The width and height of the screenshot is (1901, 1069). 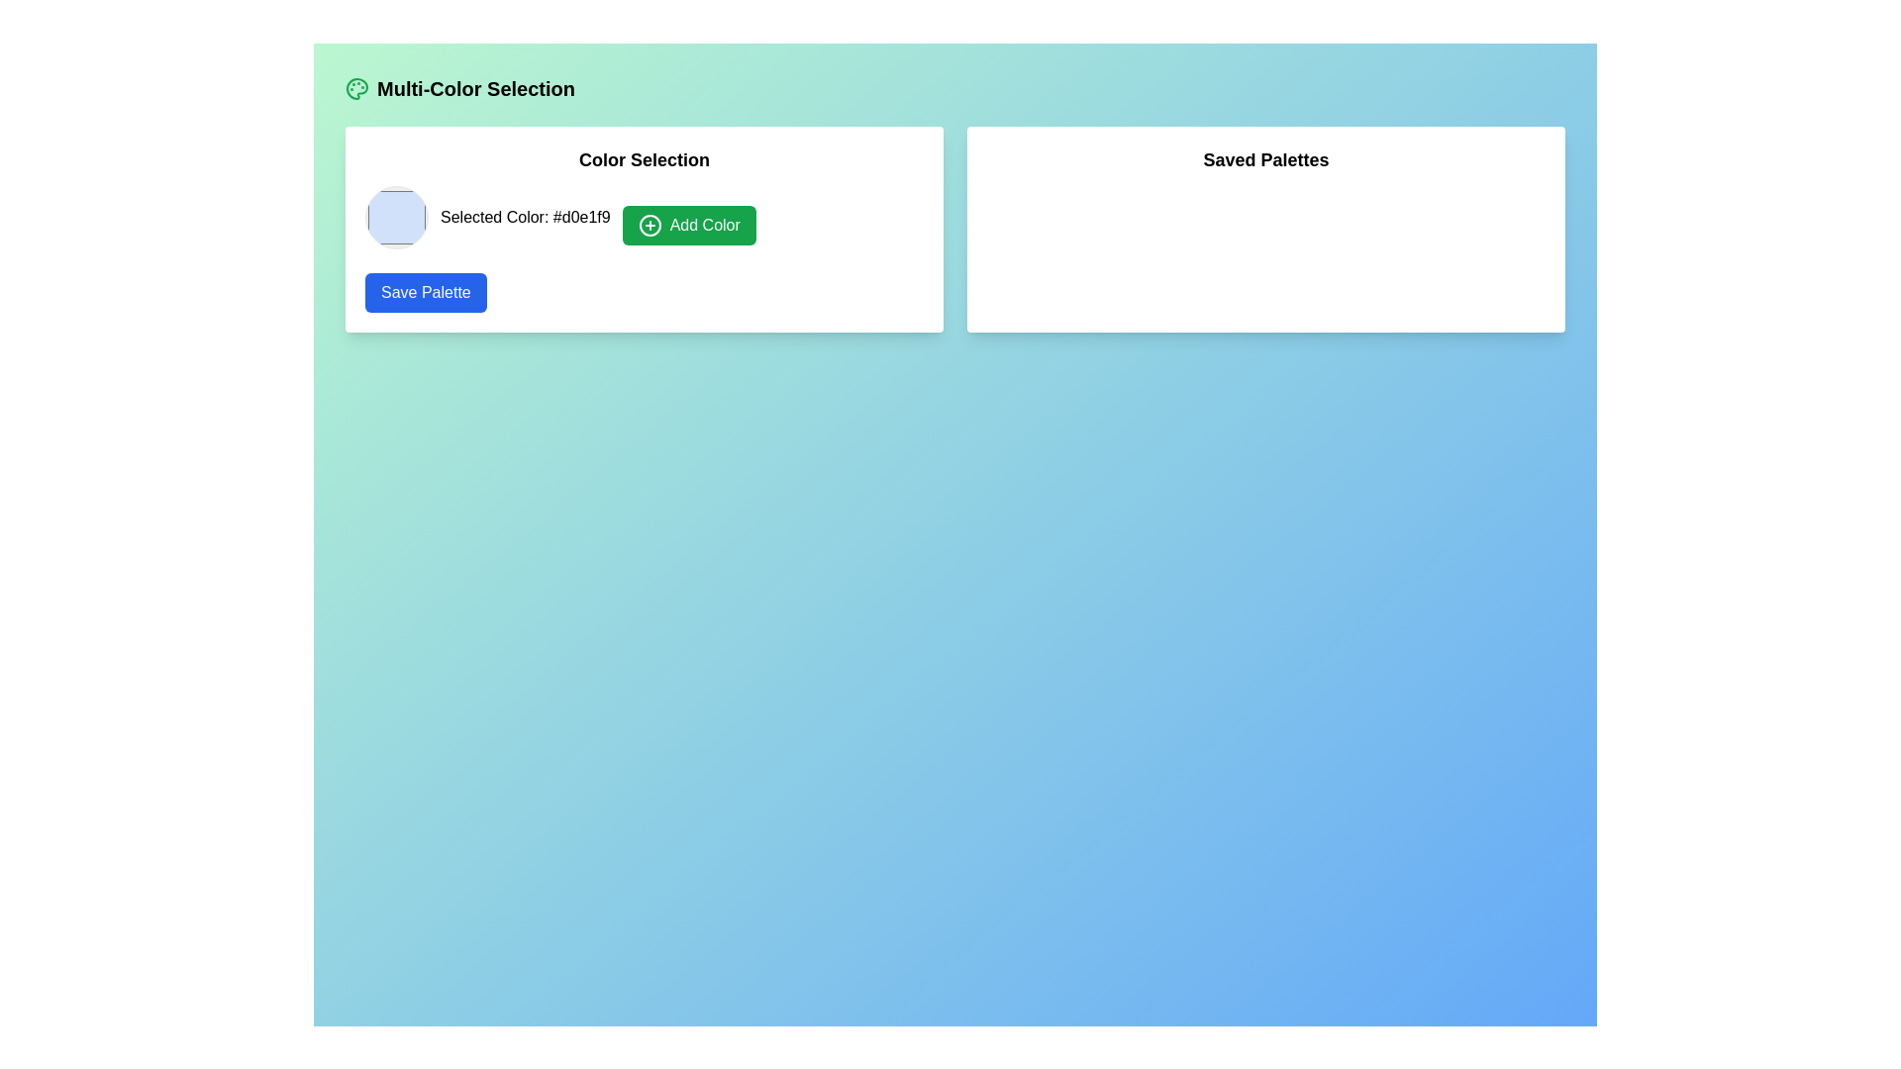 What do you see at coordinates (650, 224) in the screenshot?
I see `the circular green icon with a plus sign inside, located to the left of the 'Add Color' button text` at bounding box center [650, 224].